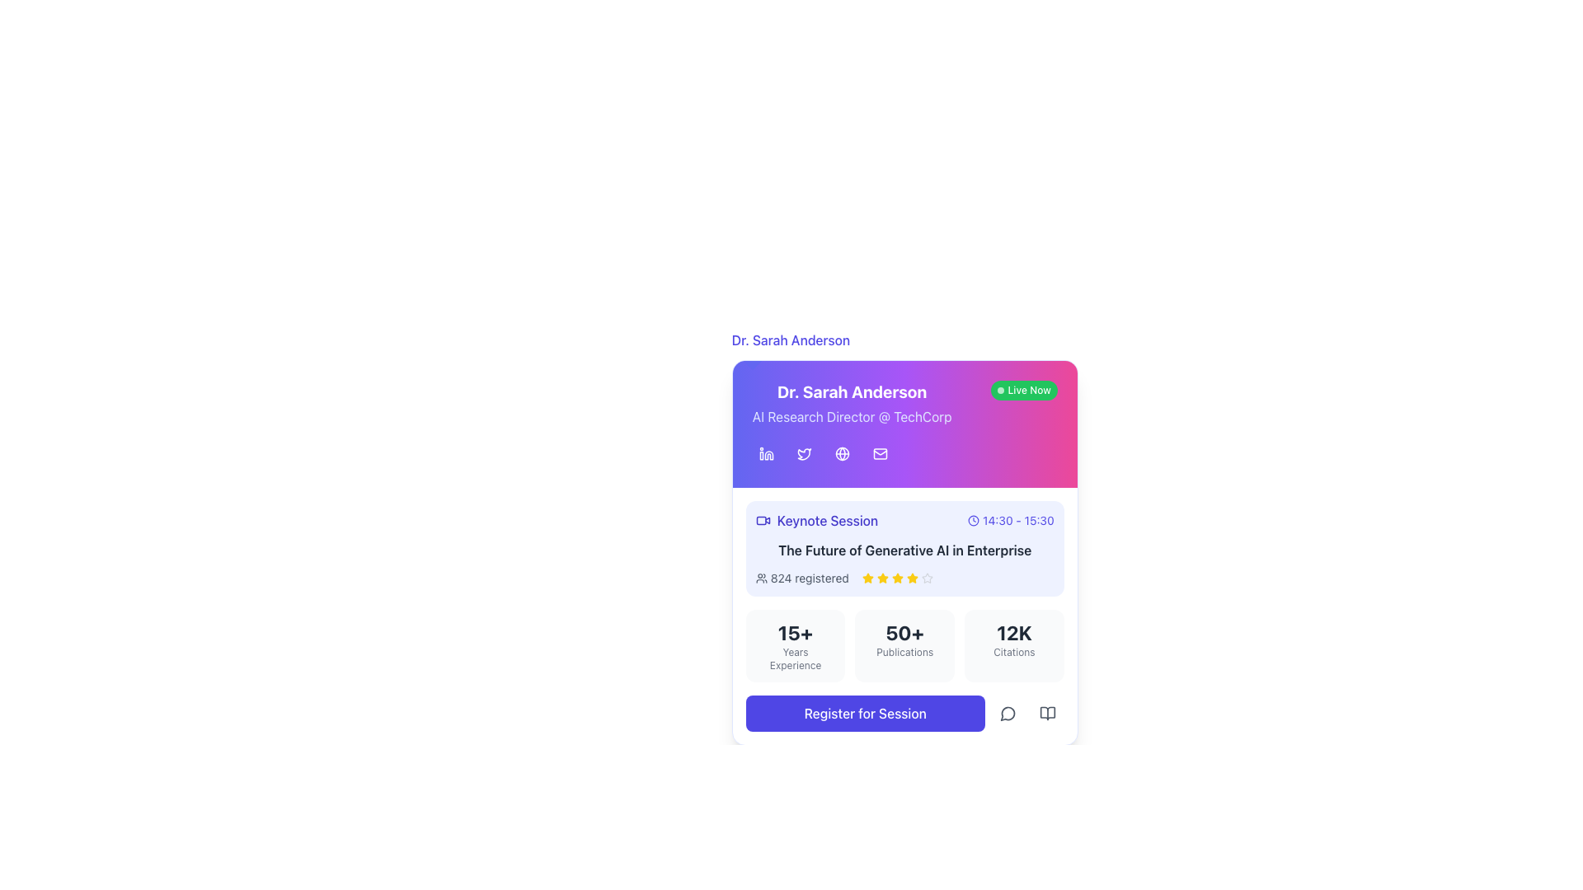 This screenshot has height=890, width=1583. What do you see at coordinates (810, 578) in the screenshot?
I see `the non-interactive informational text component displaying the number of registrants for the session 'The Future of Generative AI in Enterprise'` at bounding box center [810, 578].